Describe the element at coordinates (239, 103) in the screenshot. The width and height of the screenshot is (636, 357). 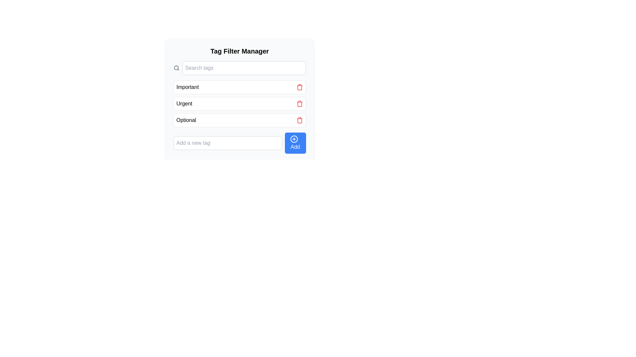
I see `the 'Urgent' tag filter` at that location.